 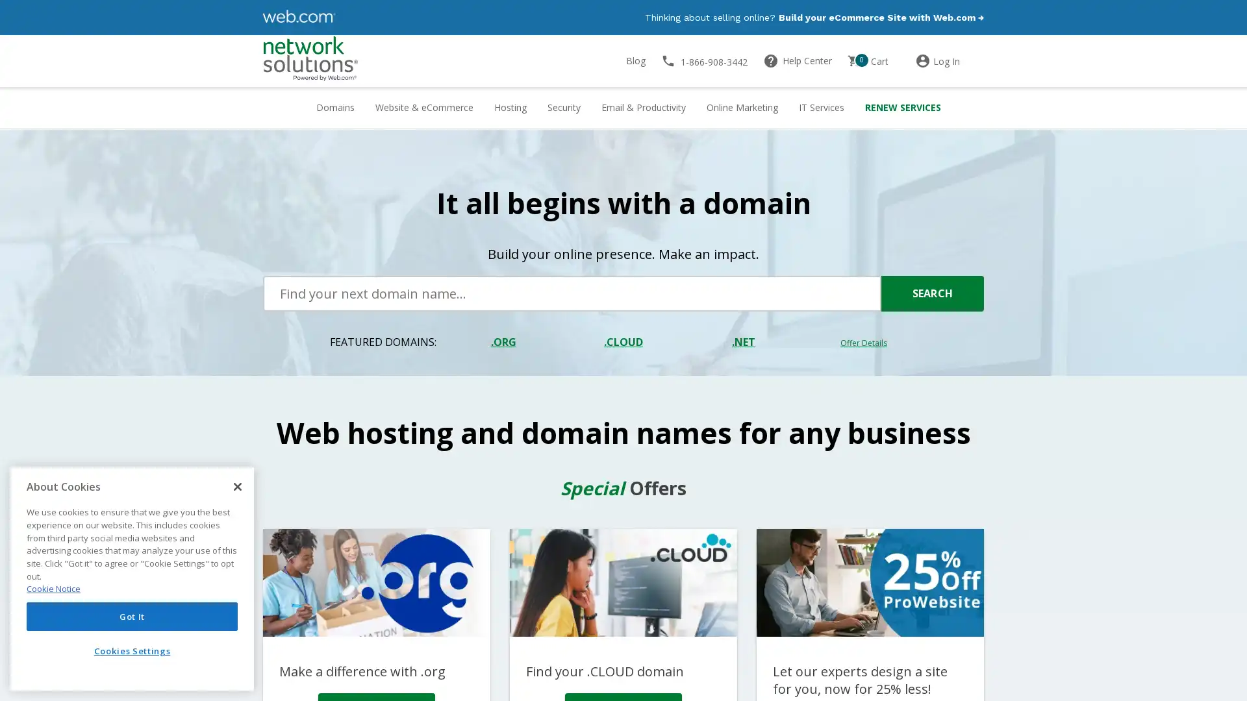 I want to click on Close, so click(x=237, y=486).